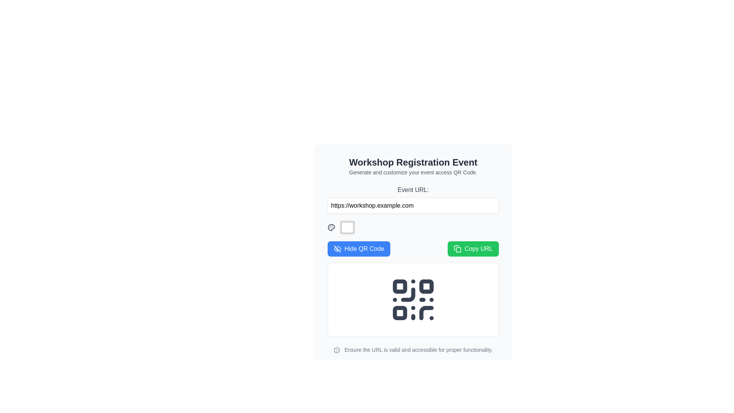 This screenshot has height=413, width=734. I want to click on the small square icon with rounded corners that is part of the 'Copy URL' button, which depicts a document duplication symbol and is located in the upper-right region of the interface, so click(458, 249).